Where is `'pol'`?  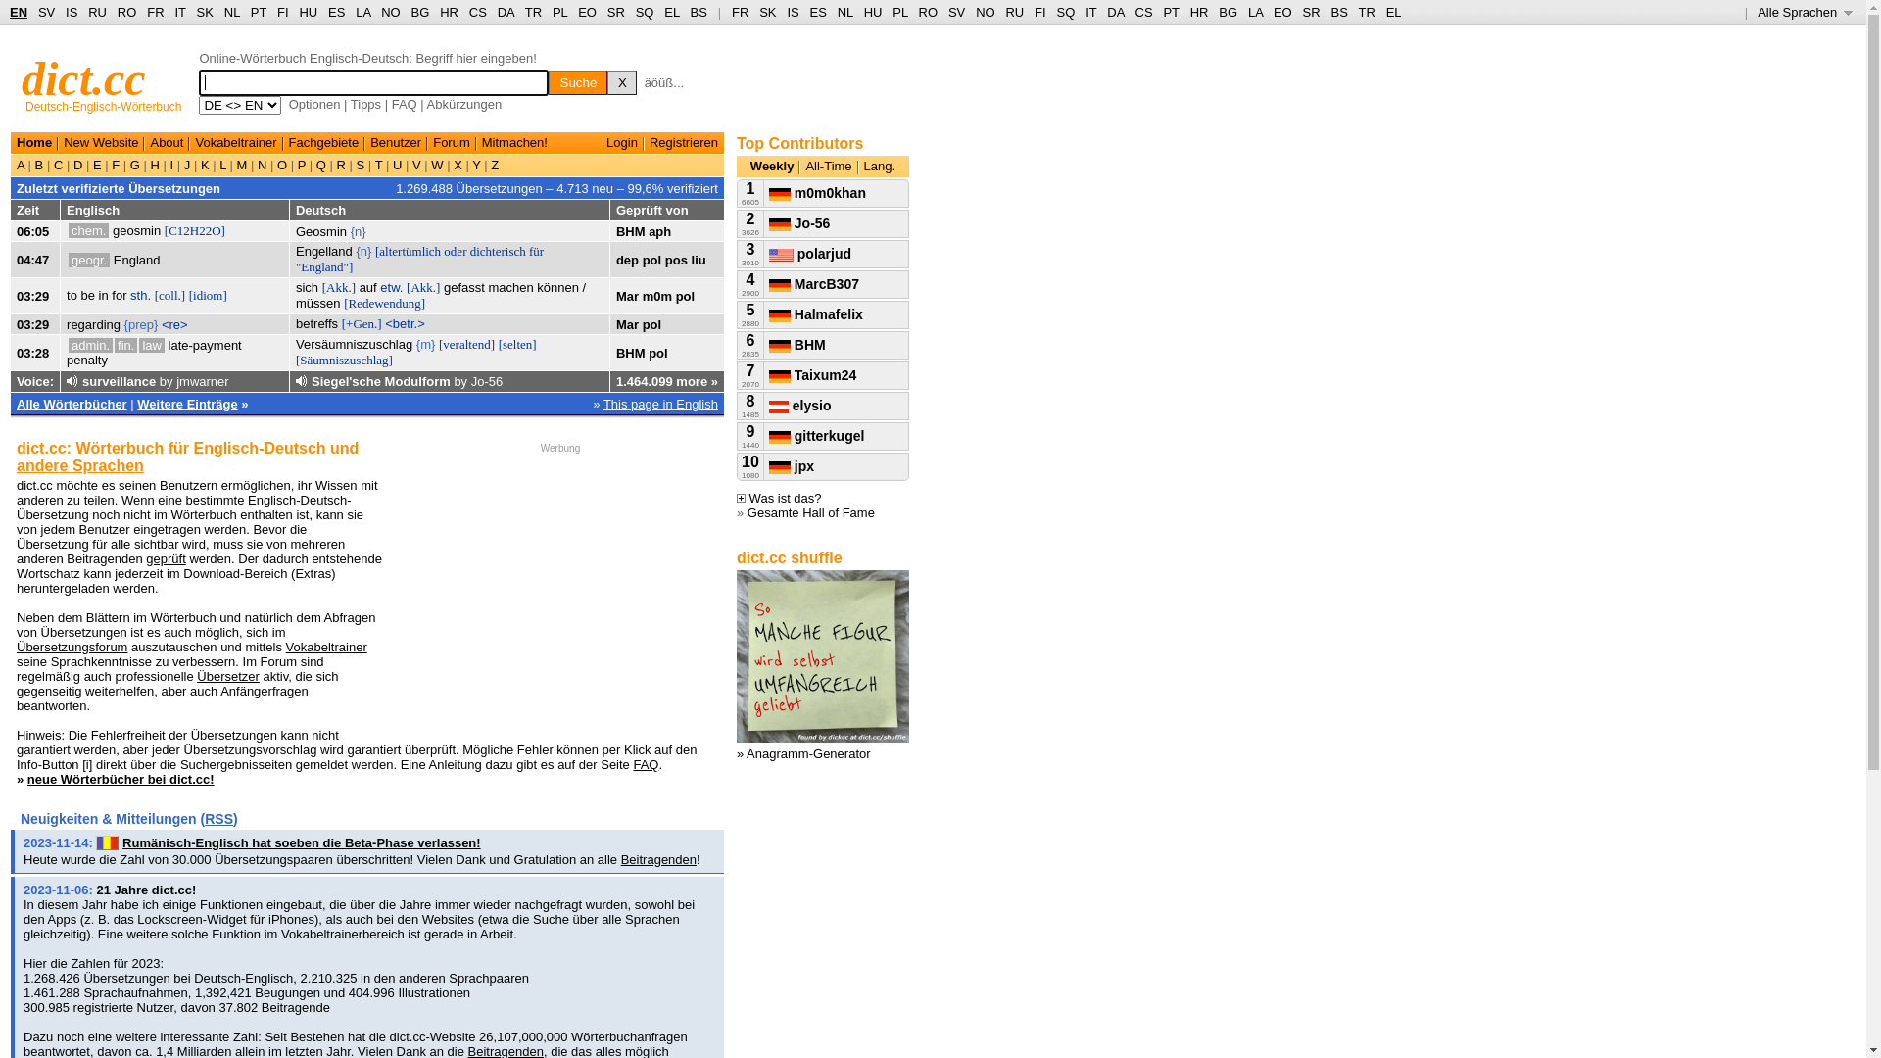 'pol' is located at coordinates (658, 351).